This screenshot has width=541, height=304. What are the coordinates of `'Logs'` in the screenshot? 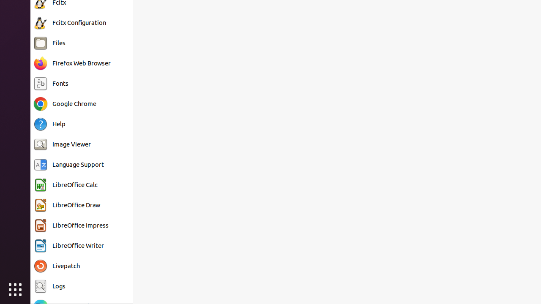 It's located at (58, 286).